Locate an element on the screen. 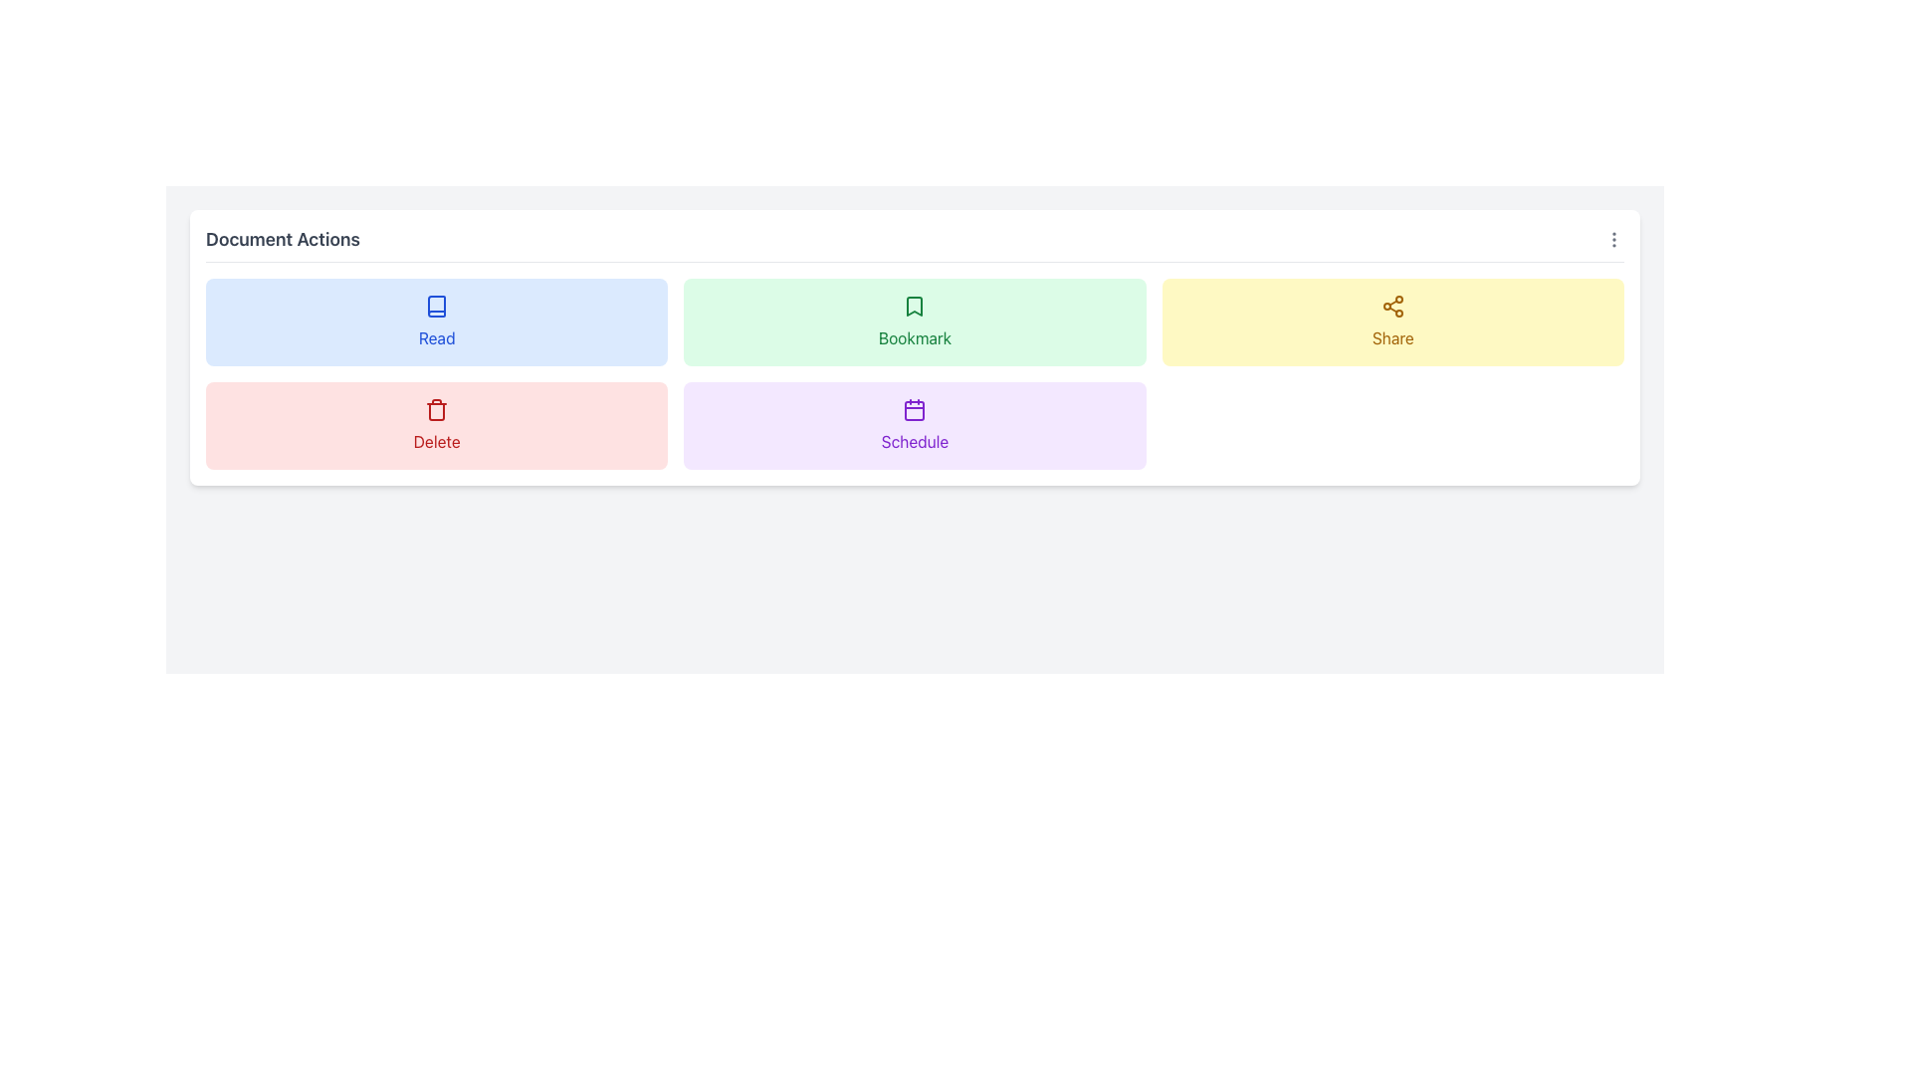 The width and height of the screenshot is (1911, 1075). the purple calendar icon located in the lower right section of the grid, directly above the 'Schedule' text label and to the right of the red trash icon is located at coordinates (914, 409).